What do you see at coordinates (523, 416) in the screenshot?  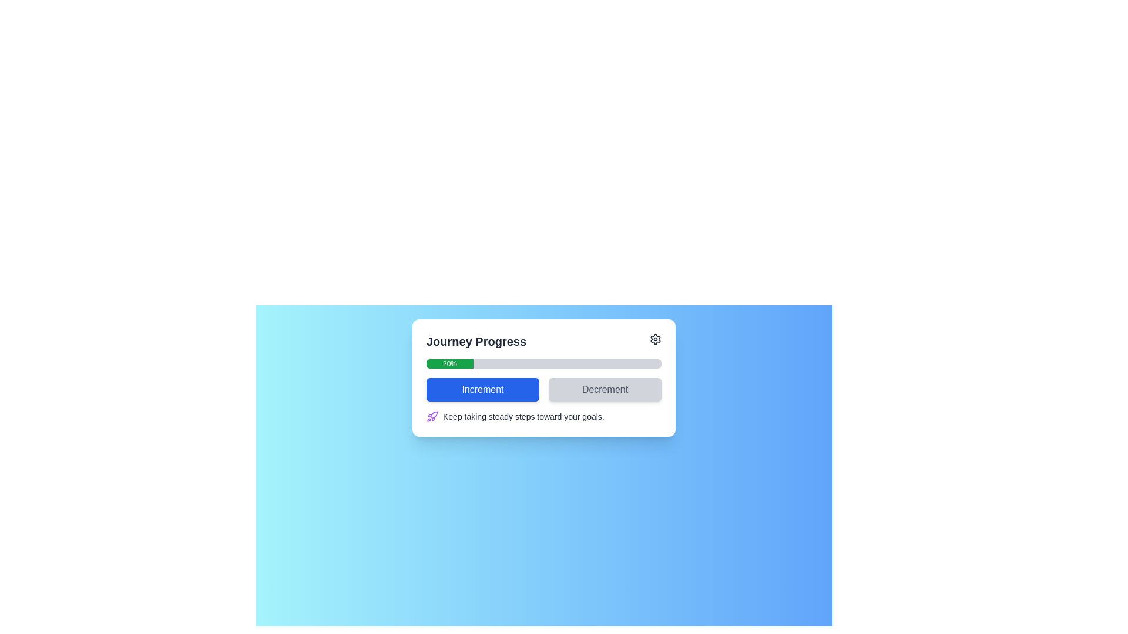 I see `motivational text displayed in the text label located at the bottom-center of the interface, within the 'Journey Progress' card component, positioned to the right of the purple rocket icon` at bounding box center [523, 416].